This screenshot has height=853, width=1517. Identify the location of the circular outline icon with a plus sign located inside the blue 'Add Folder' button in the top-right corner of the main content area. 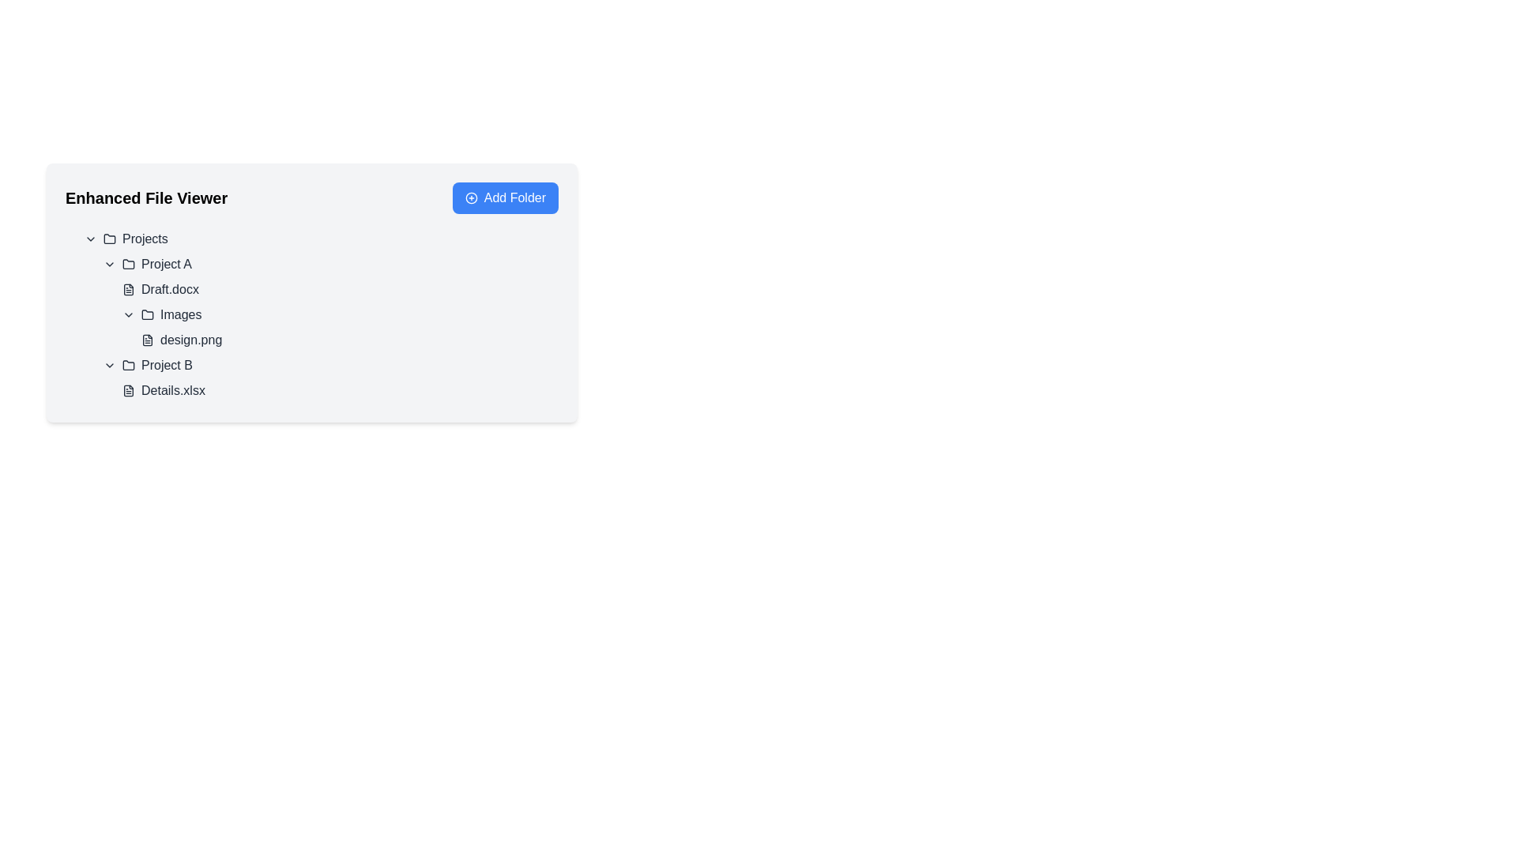
(470, 197).